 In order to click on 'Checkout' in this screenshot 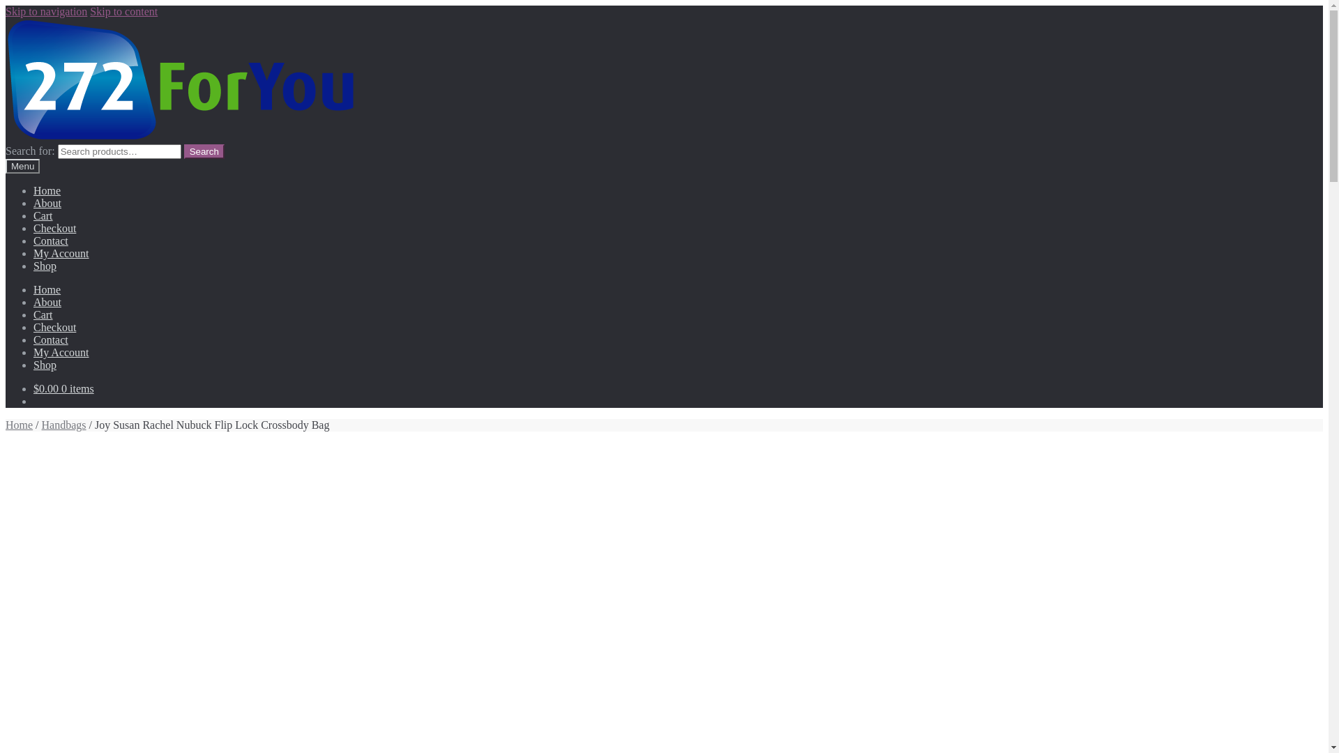, I will do `click(54, 227)`.